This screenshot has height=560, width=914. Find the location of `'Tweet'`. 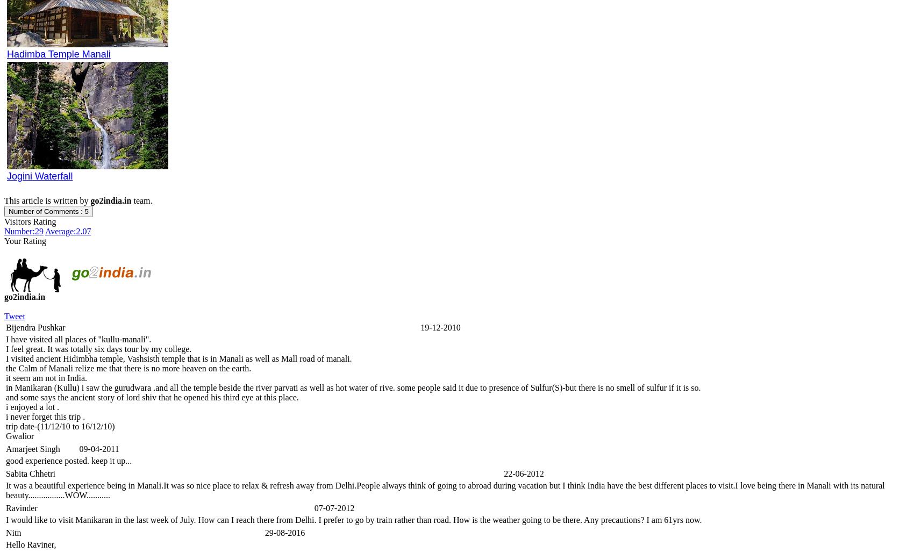

'Tweet' is located at coordinates (15, 315).